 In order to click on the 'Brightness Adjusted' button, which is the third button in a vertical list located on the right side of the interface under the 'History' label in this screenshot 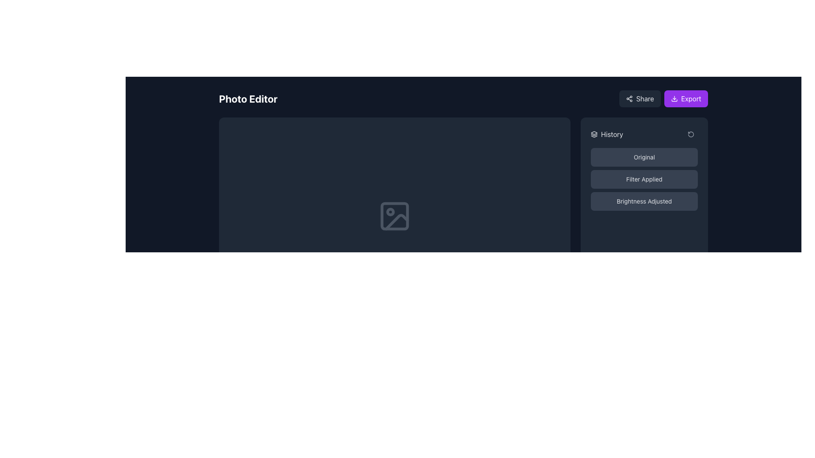, I will do `click(644, 201)`.